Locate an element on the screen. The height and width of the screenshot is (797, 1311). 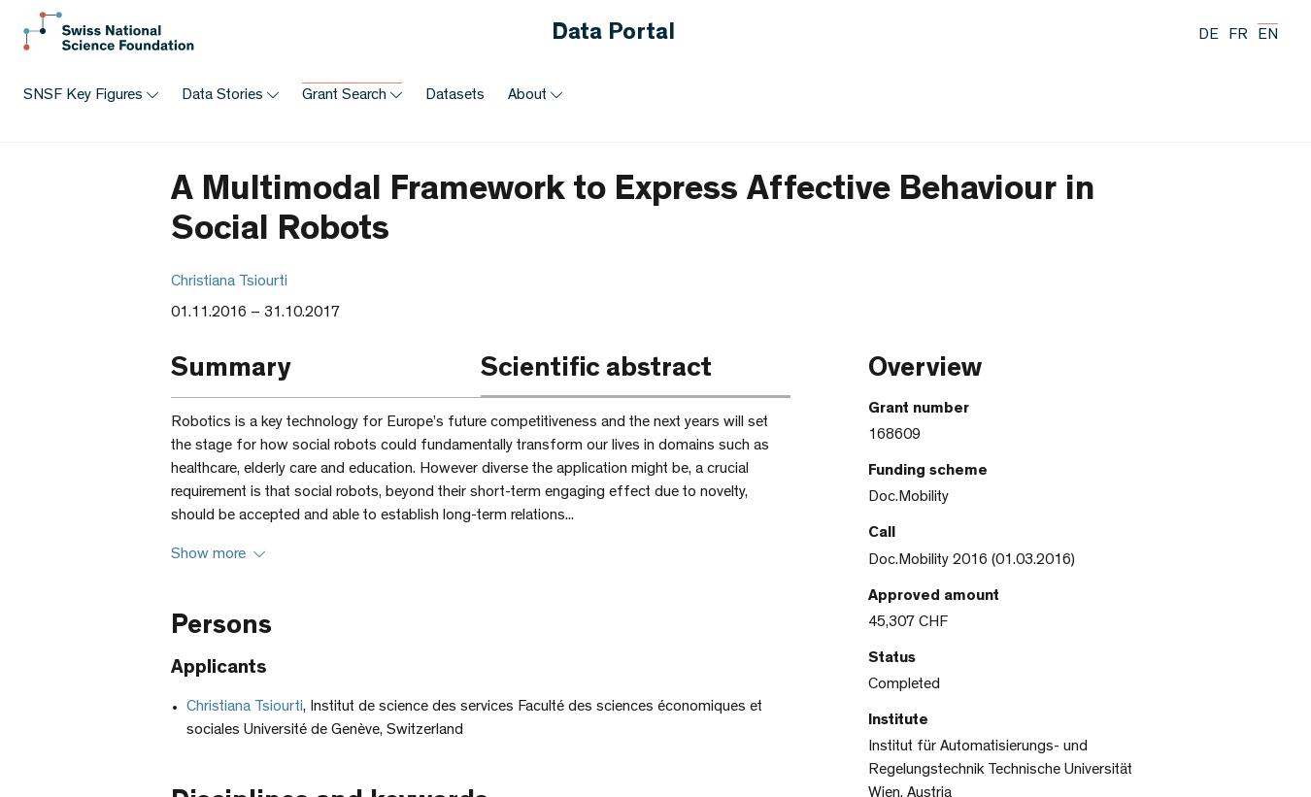
'SNSF Key Figures' is located at coordinates (84, 95).